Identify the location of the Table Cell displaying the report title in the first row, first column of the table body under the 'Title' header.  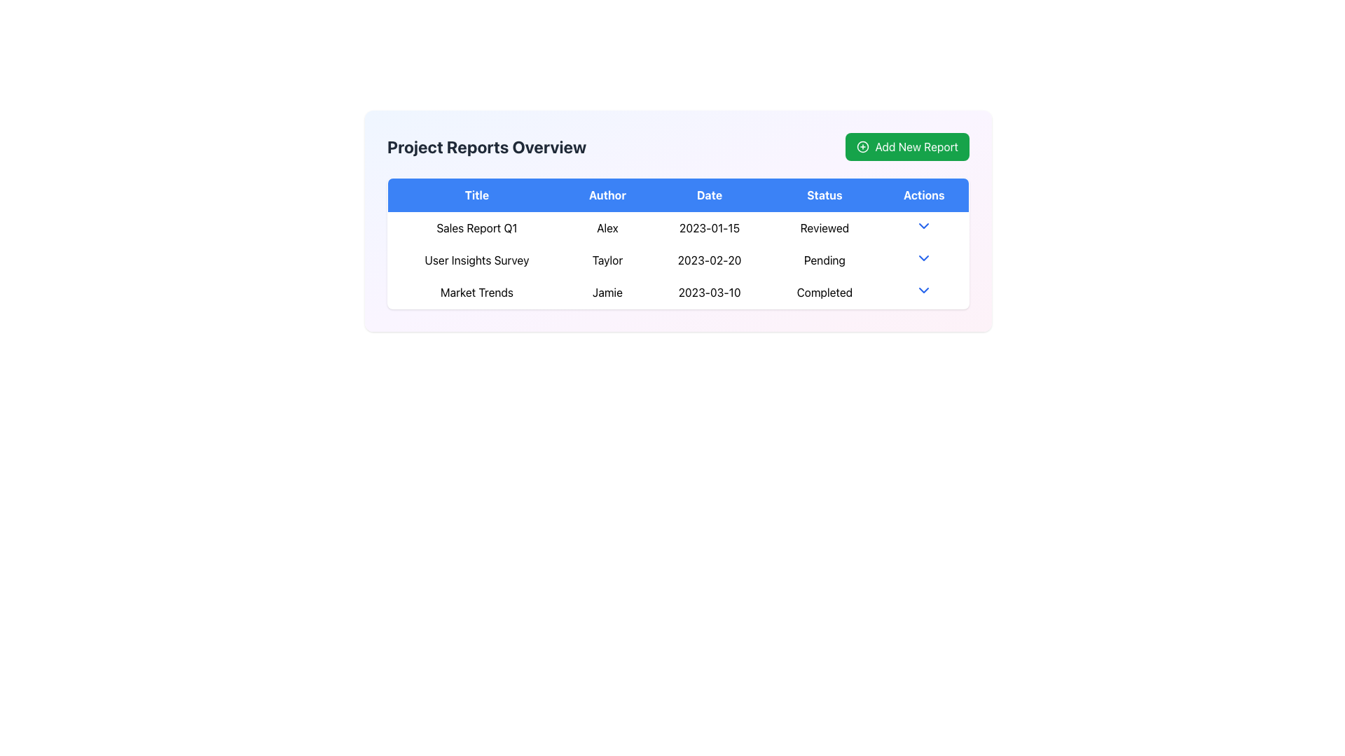
(476, 227).